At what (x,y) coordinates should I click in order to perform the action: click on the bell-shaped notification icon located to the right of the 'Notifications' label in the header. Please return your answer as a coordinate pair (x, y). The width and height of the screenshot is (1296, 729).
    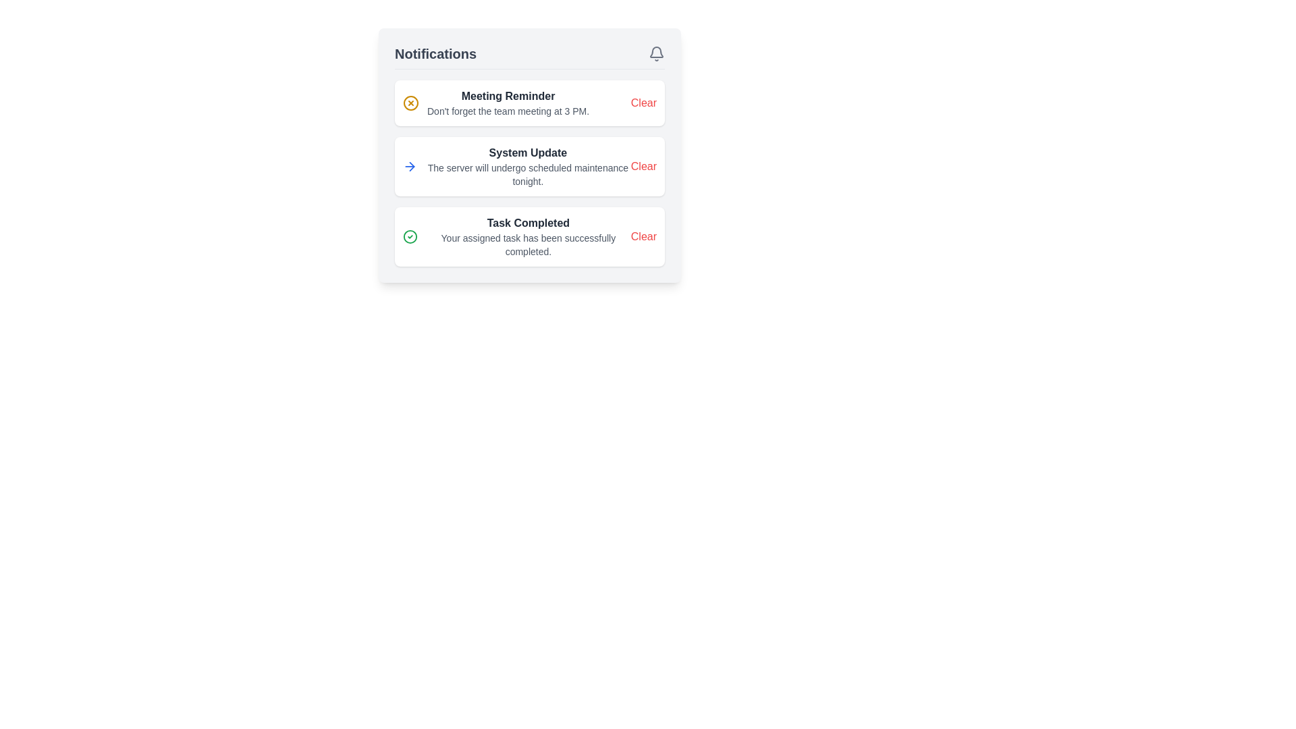
    Looking at the image, I should click on (657, 53).